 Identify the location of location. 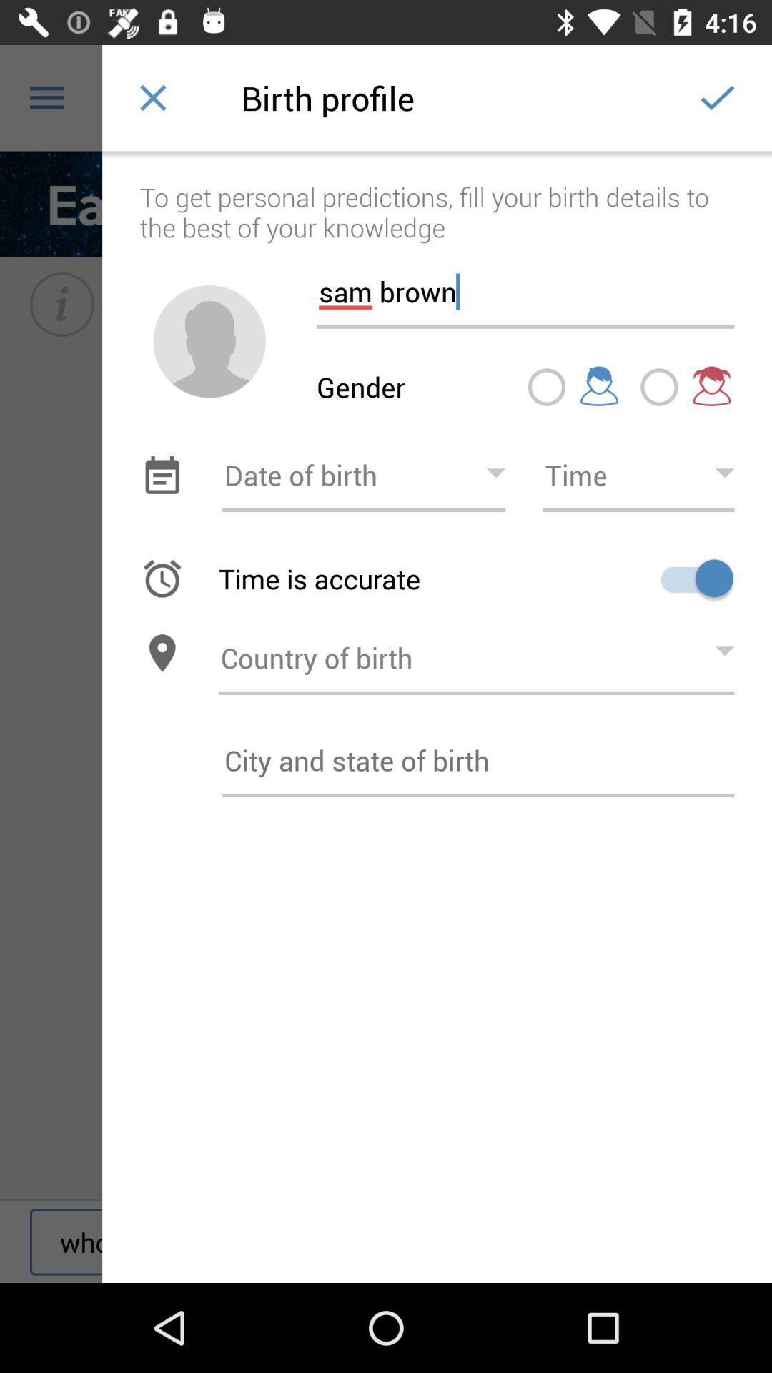
(162, 652).